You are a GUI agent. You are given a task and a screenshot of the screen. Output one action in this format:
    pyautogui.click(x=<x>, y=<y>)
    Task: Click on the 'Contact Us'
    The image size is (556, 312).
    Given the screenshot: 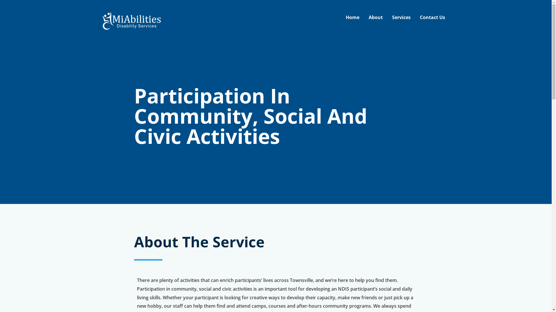 What is the action you would take?
    pyautogui.click(x=415, y=17)
    